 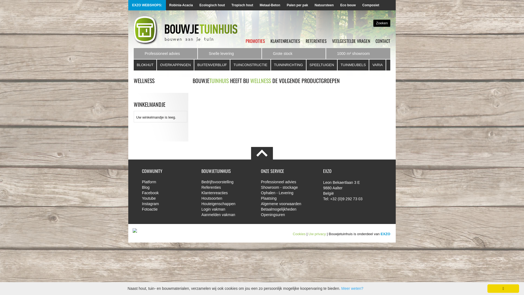 What do you see at coordinates (227, 182) in the screenshot?
I see `'Bedrijfsvoorstelling'` at bounding box center [227, 182].